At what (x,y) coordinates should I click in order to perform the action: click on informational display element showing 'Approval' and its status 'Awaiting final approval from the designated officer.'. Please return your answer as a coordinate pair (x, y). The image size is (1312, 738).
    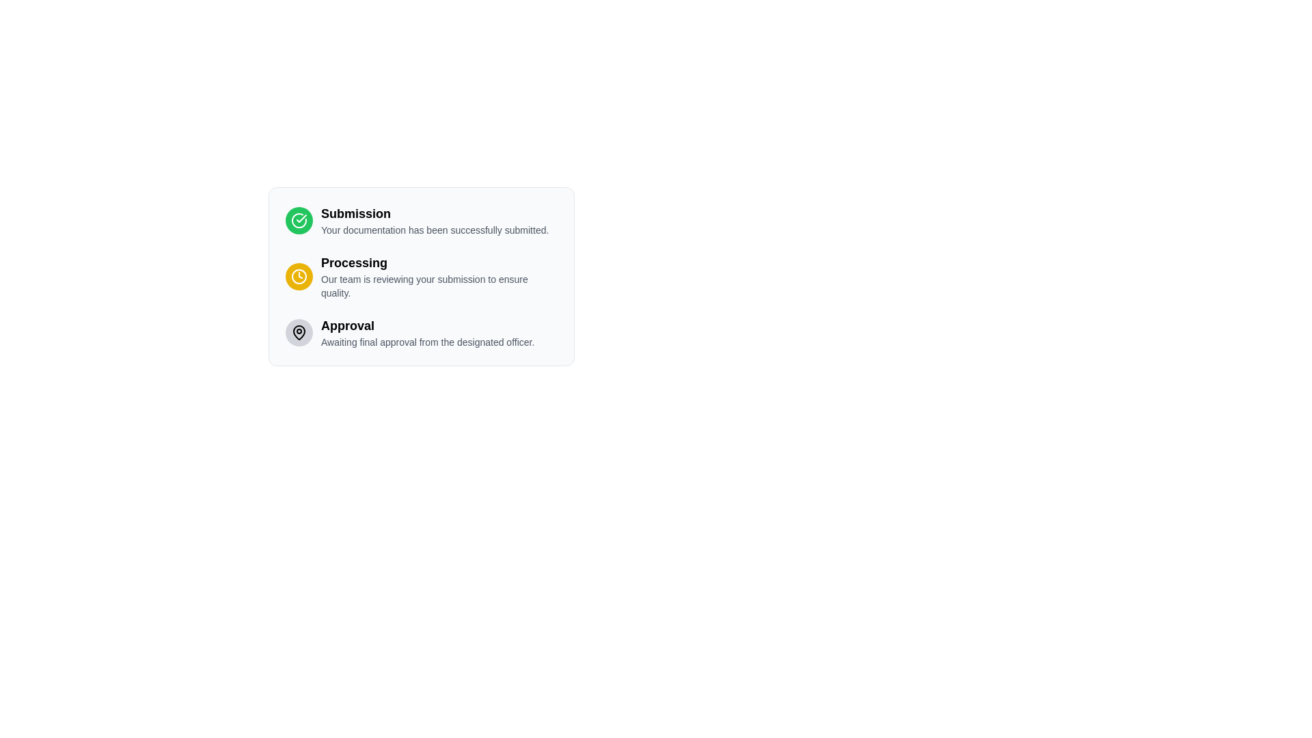
    Looking at the image, I should click on (427, 332).